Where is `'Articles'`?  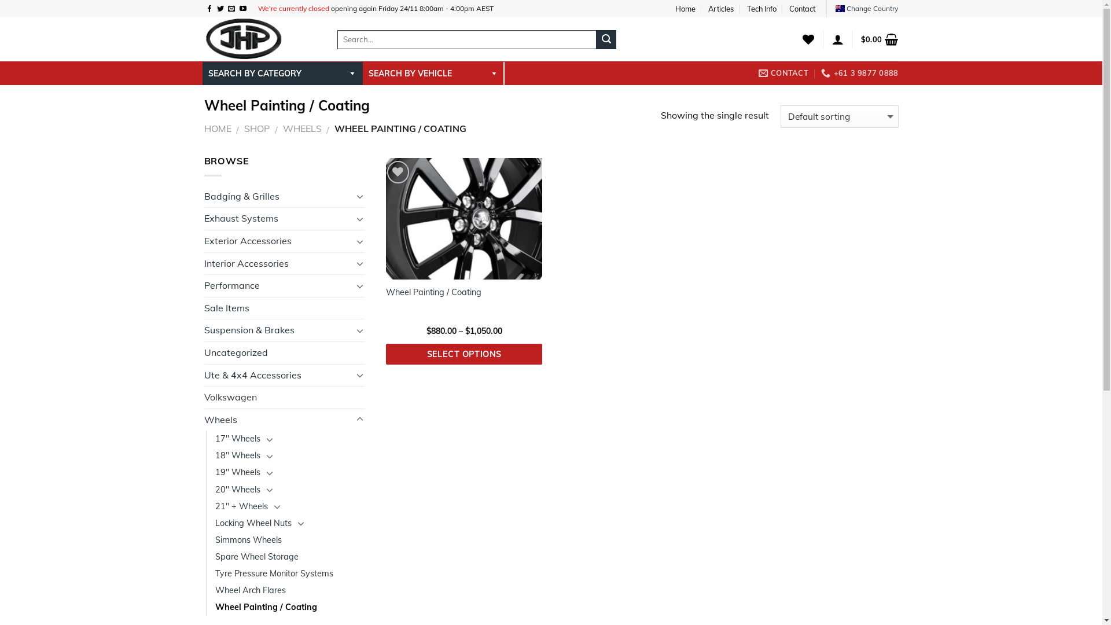
'Articles' is located at coordinates (720, 9).